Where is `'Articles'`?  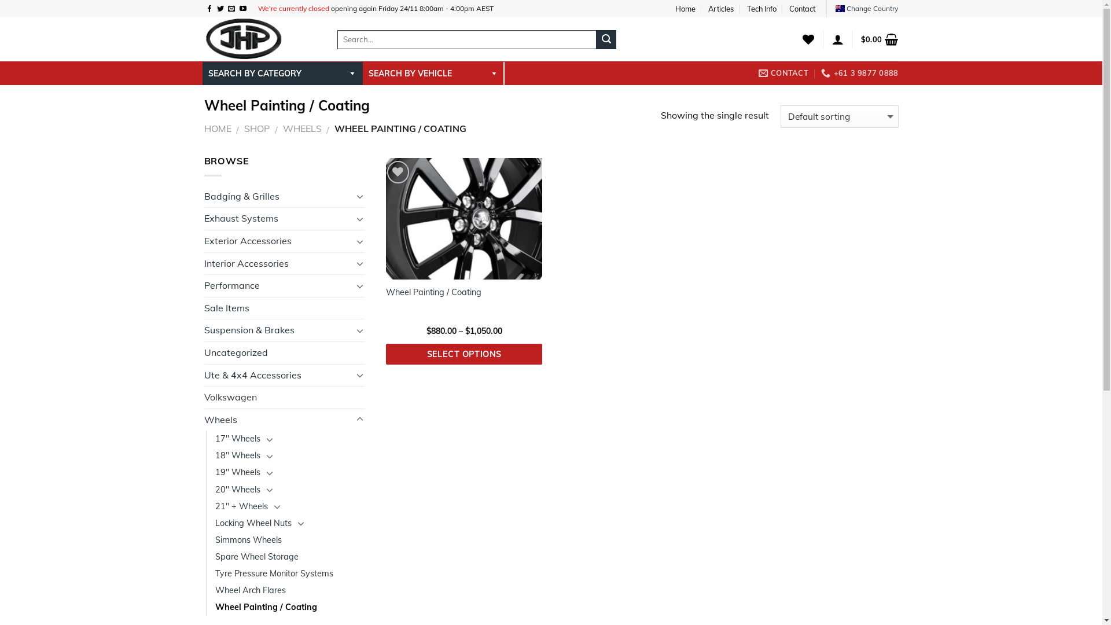
'Articles' is located at coordinates (720, 9).